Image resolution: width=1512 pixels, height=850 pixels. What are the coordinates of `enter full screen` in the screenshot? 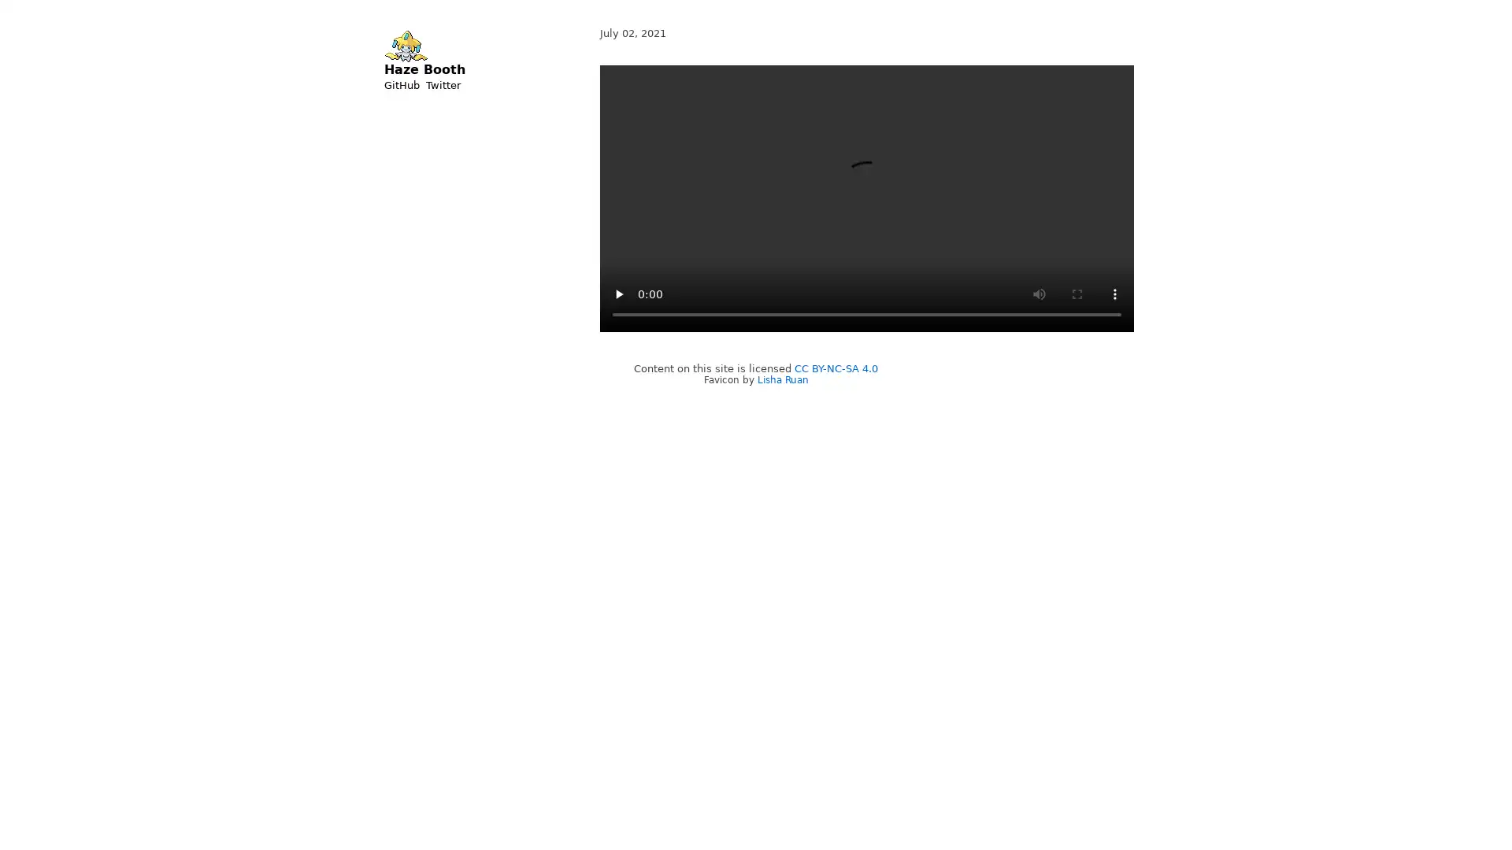 It's located at (1077, 294).